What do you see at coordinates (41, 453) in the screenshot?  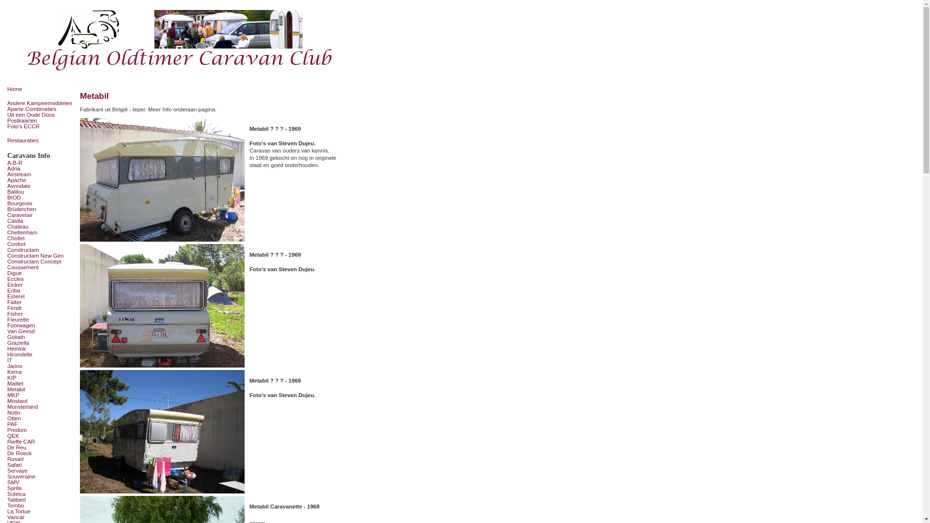 I see `'De Roeck'` at bounding box center [41, 453].